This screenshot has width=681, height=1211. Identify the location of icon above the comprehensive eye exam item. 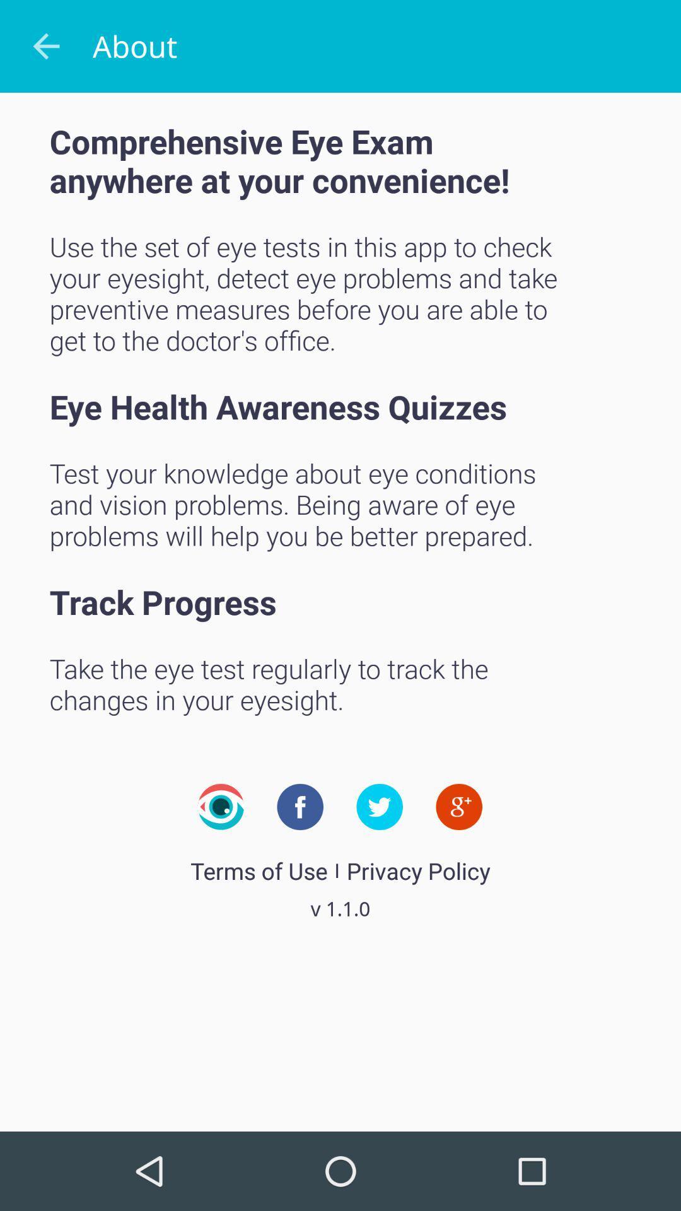
(45, 46).